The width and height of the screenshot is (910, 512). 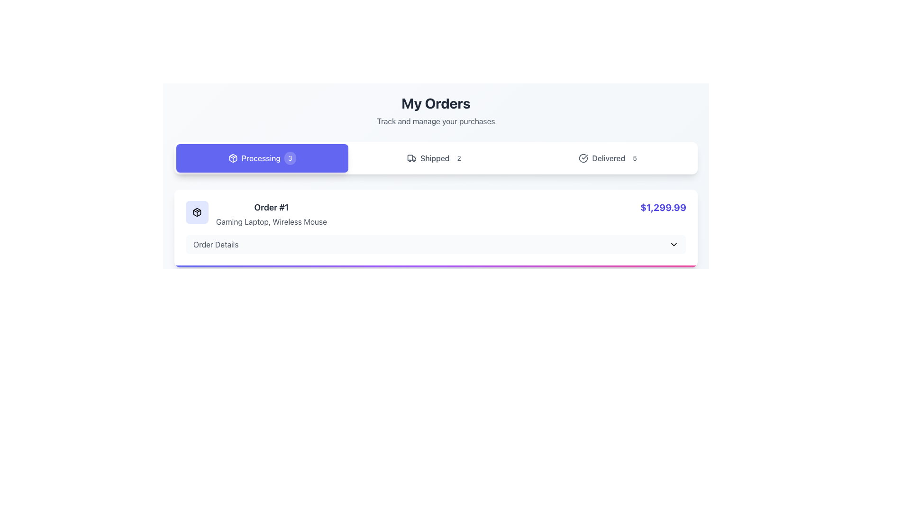 What do you see at coordinates (436, 158) in the screenshot?
I see `the 'Shipped 2' tab, which displays a truck icon and is styled with a gray color on hover` at bounding box center [436, 158].